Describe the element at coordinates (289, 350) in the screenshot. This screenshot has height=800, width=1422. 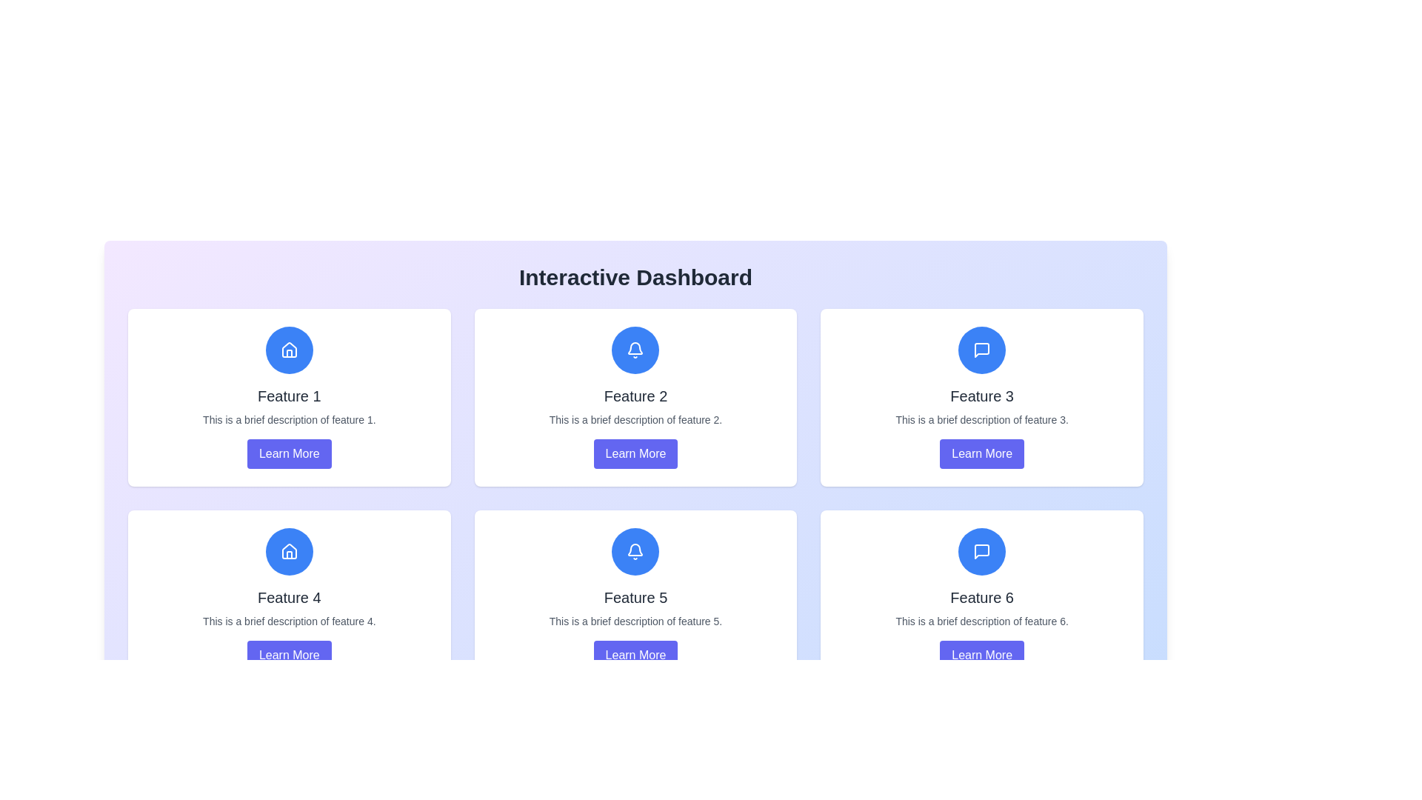
I see `the circular blue icon with a white house outline located at the top-left corner of the 'Feature 1' card` at that location.